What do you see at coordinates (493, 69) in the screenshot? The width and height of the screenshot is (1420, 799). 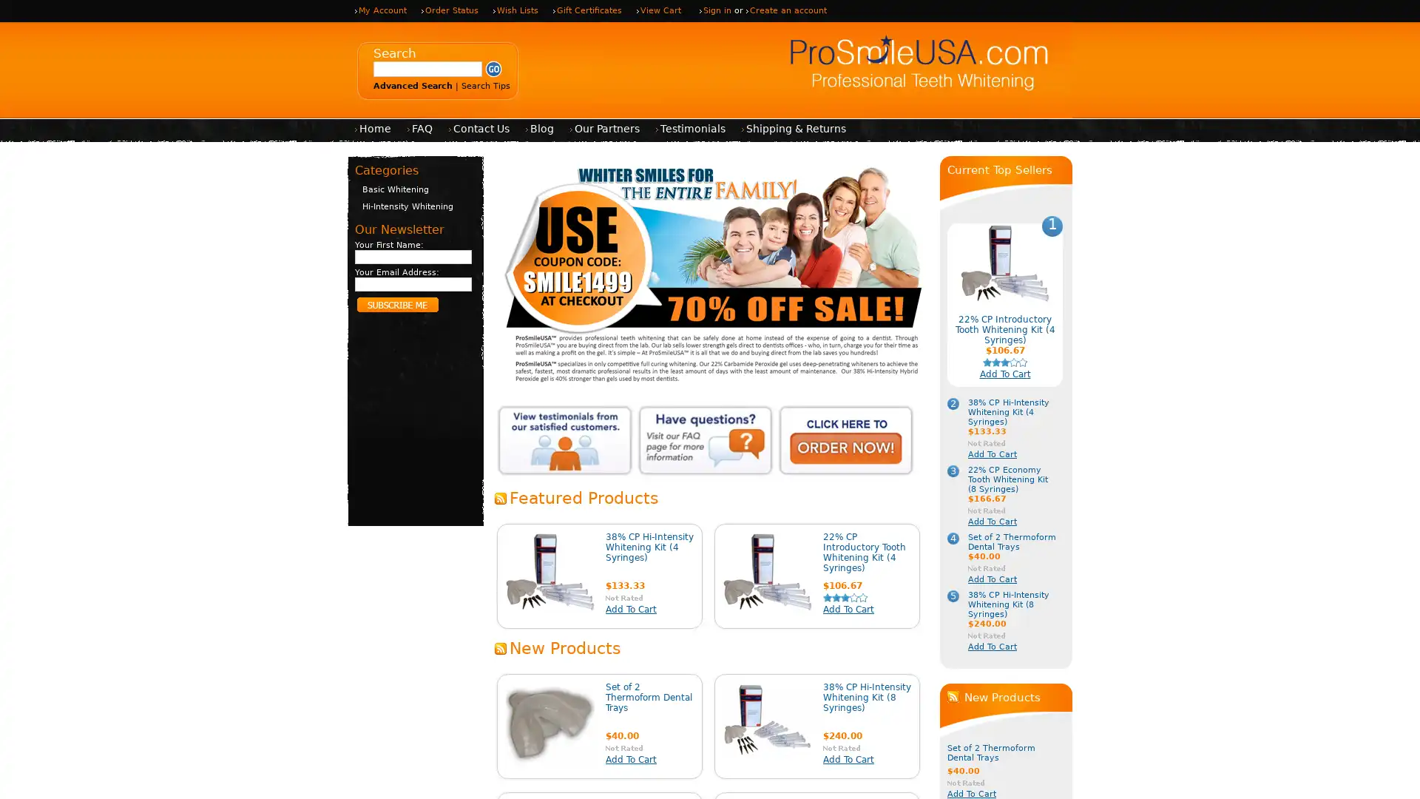 I see `Submit` at bounding box center [493, 69].